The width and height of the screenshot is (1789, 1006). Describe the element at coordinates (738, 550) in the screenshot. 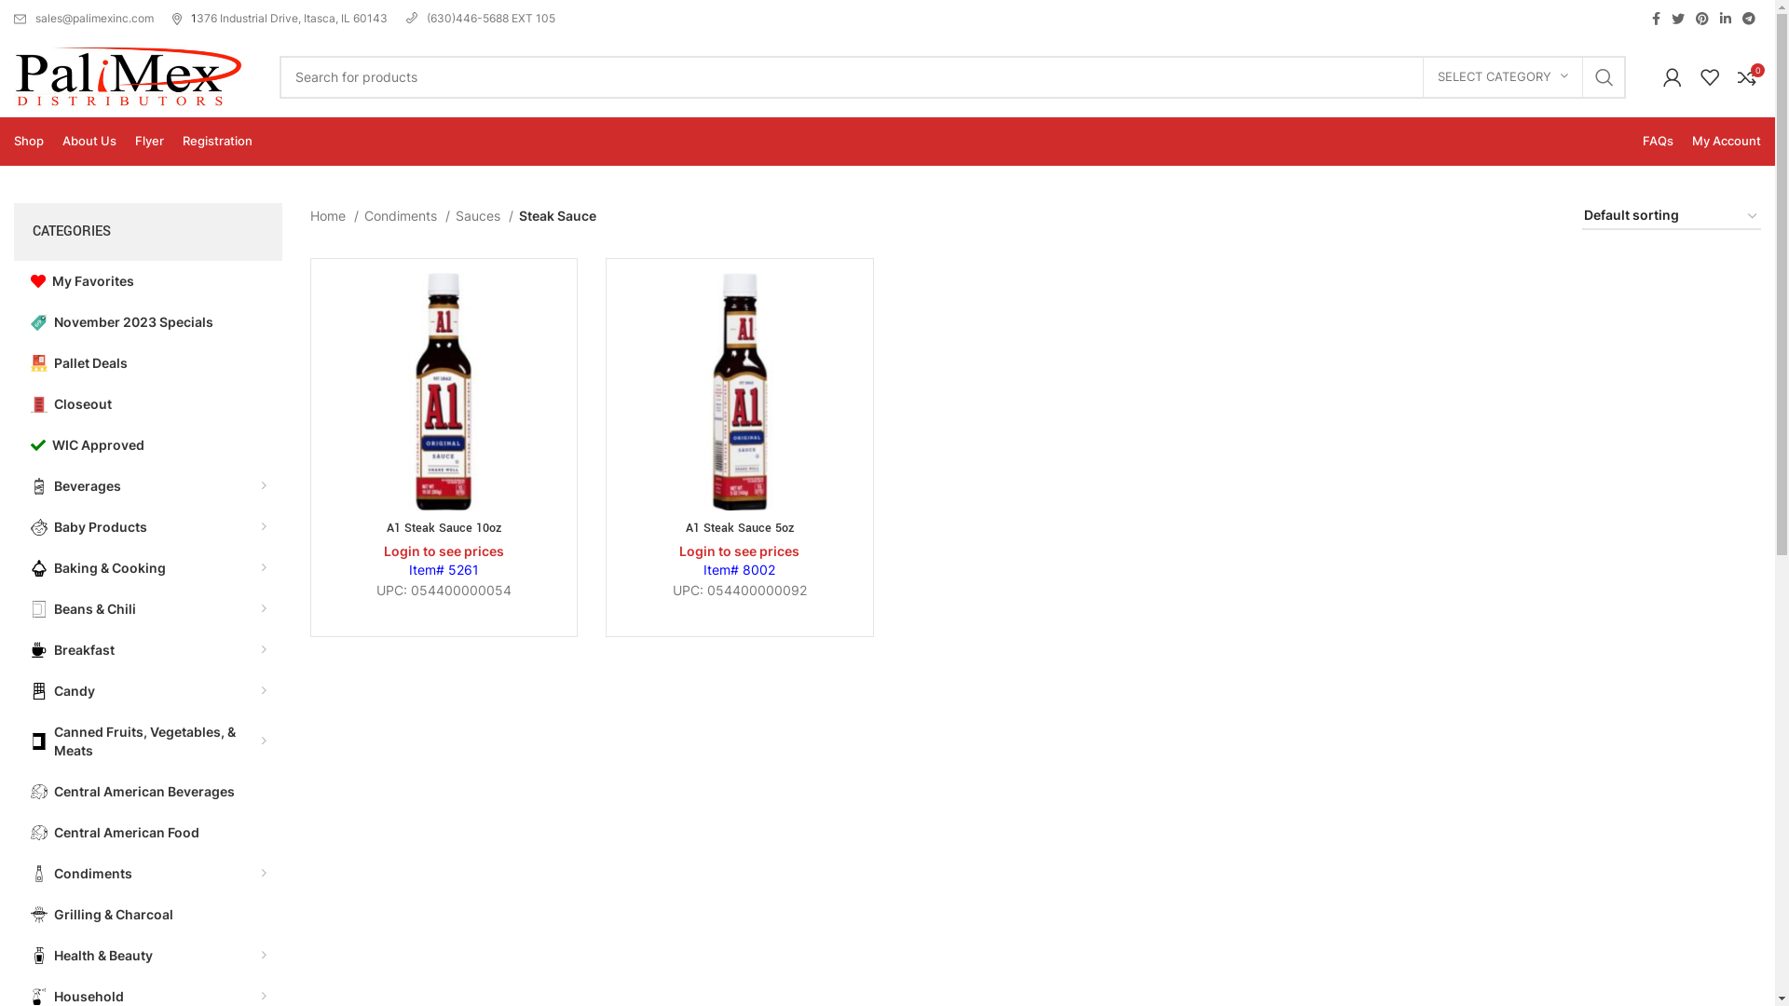

I see `'Login to see prices'` at that location.